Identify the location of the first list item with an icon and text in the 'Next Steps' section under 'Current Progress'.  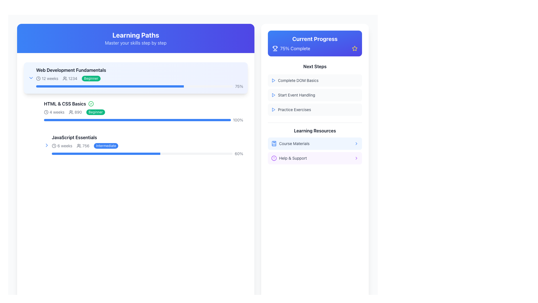
(315, 80).